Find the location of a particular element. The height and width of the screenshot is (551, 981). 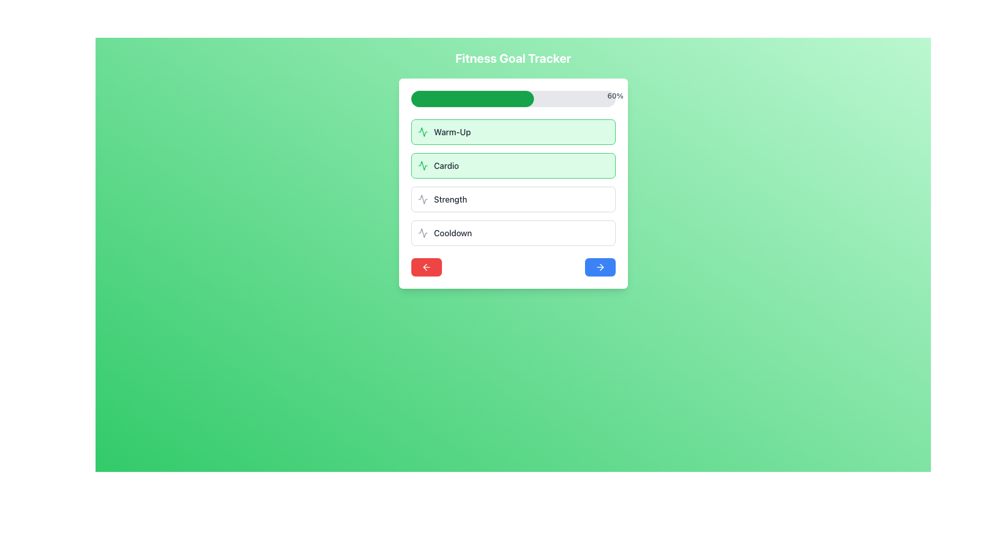

the green activity curve icon located on the left side of the 'Warm-Up' section, which is the first selection box in the vertical list of exercise categories is located at coordinates (423, 131).